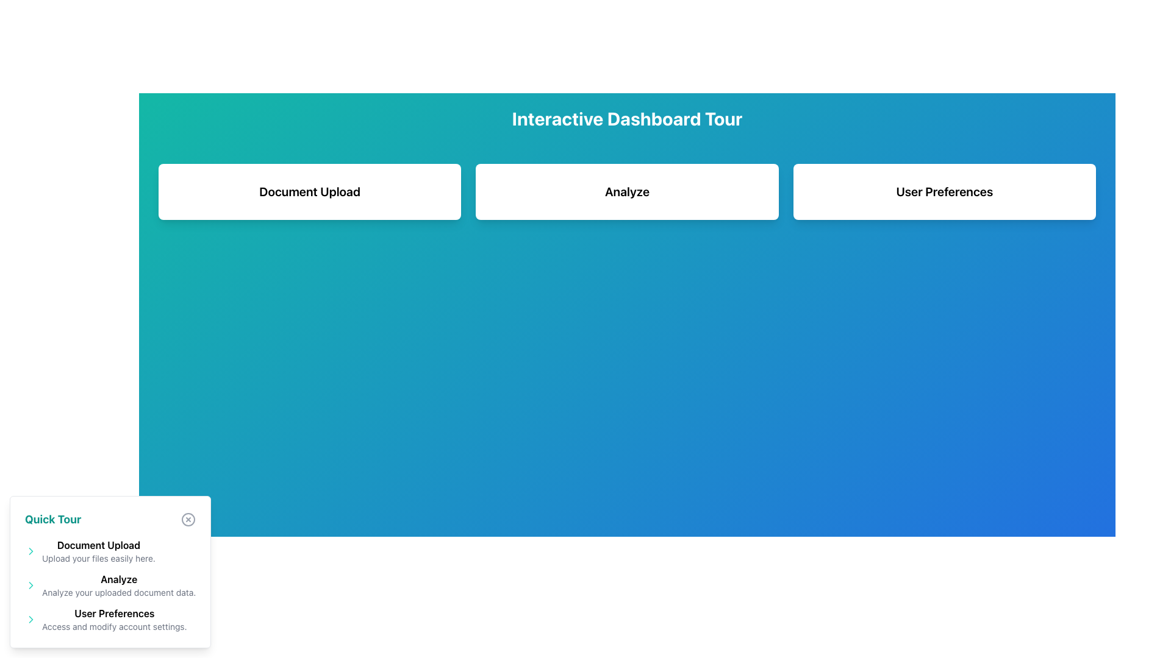 This screenshot has height=658, width=1171. What do you see at coordinates (110, 551) in the screenshot?
I see `the first clickable list item in the 'Quick Tour' card located in the bottom left corner of the interface` at bounding box center [110, 551].